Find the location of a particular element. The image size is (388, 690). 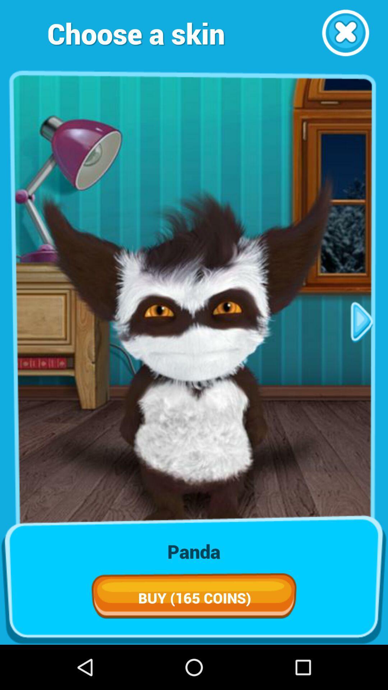

the close icon is located at coordinates (345, 35).